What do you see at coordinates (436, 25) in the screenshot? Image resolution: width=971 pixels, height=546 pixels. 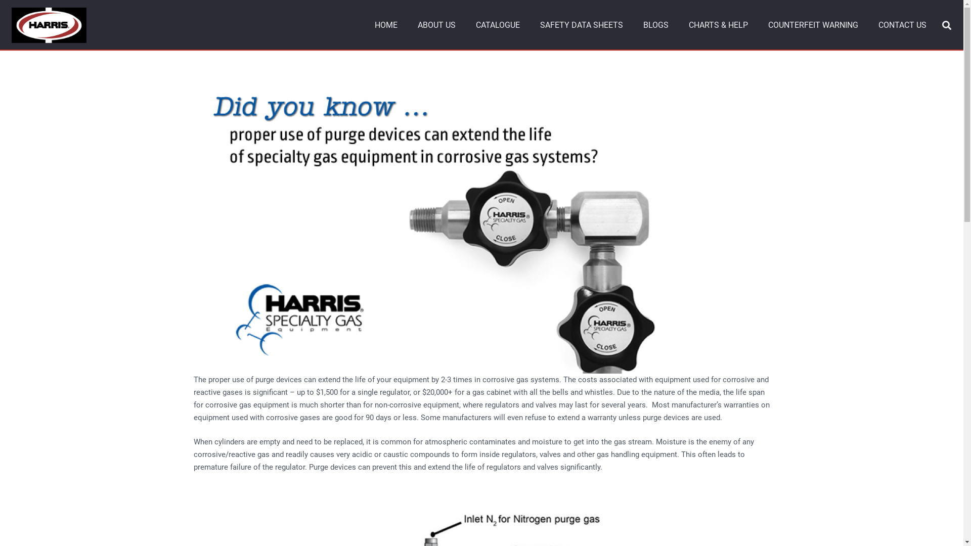 I see `'ABOUT US'` at bounding box center [436, 25].